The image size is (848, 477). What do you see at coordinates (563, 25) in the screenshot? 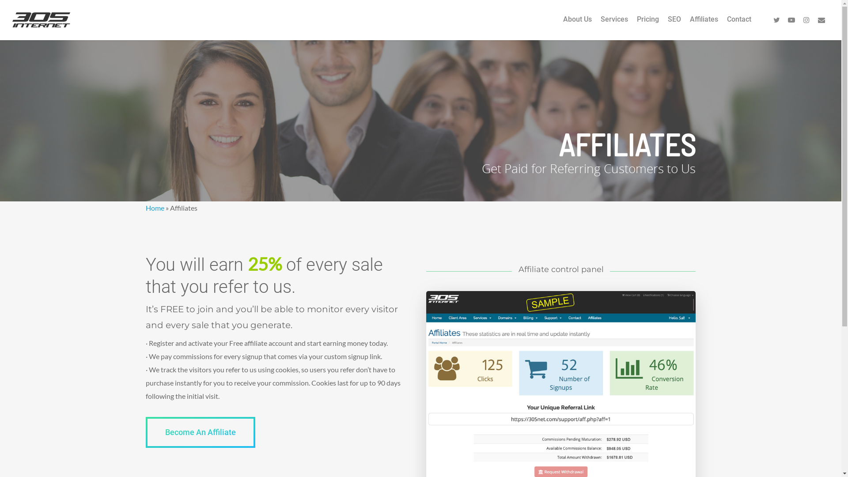
I see `'About Us'` at bounding box center [563, 25].